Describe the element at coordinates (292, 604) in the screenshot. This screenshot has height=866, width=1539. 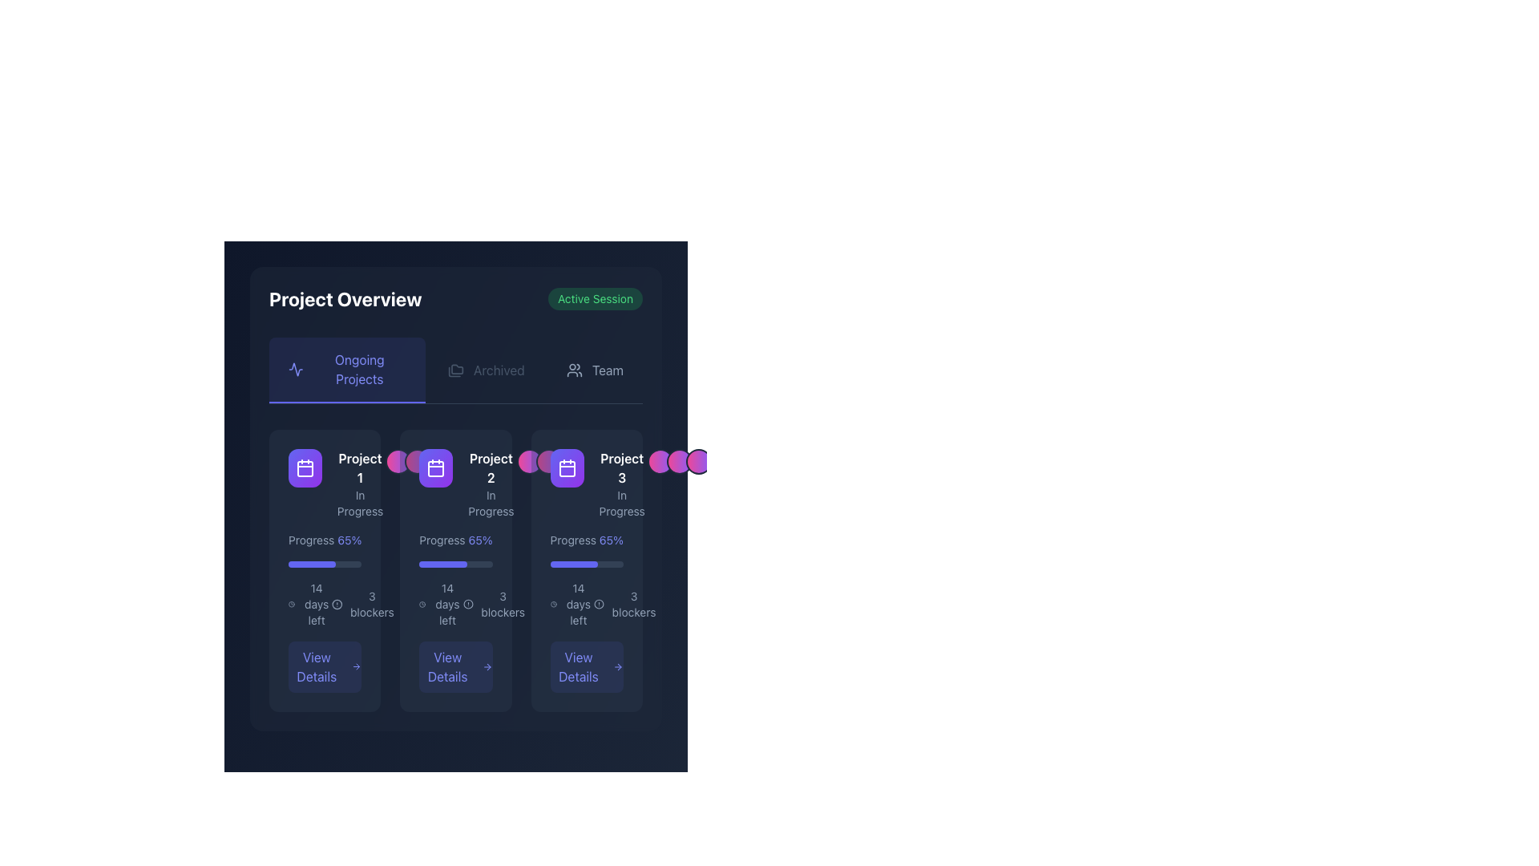
I see `the icon symbolizing a time-related concept located to the left of the text '14 days left' within the project details card` at that location.